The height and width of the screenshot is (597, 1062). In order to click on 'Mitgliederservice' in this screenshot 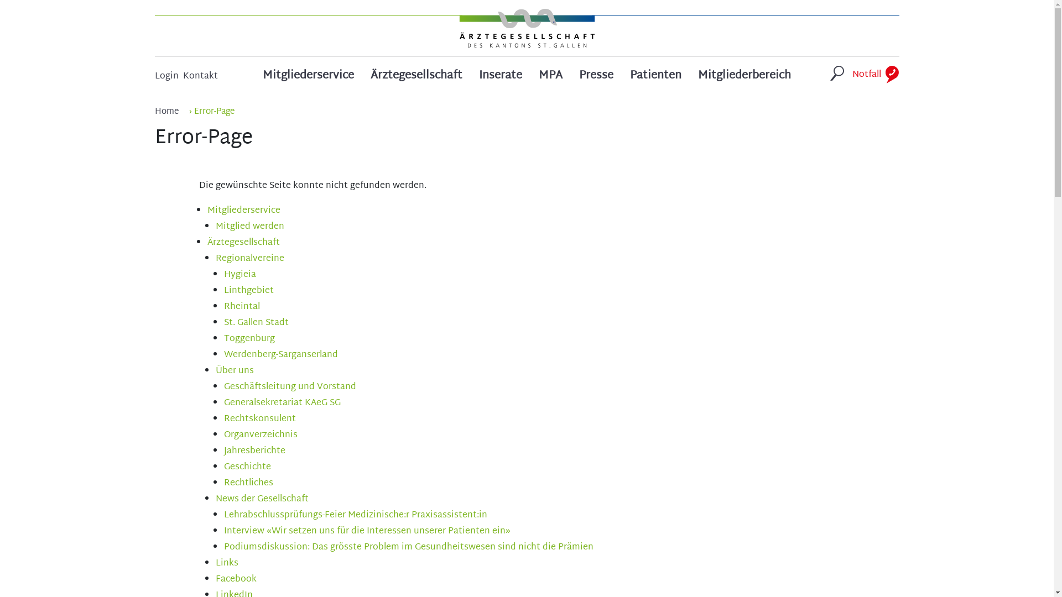, I will do `click(243, 211)`.